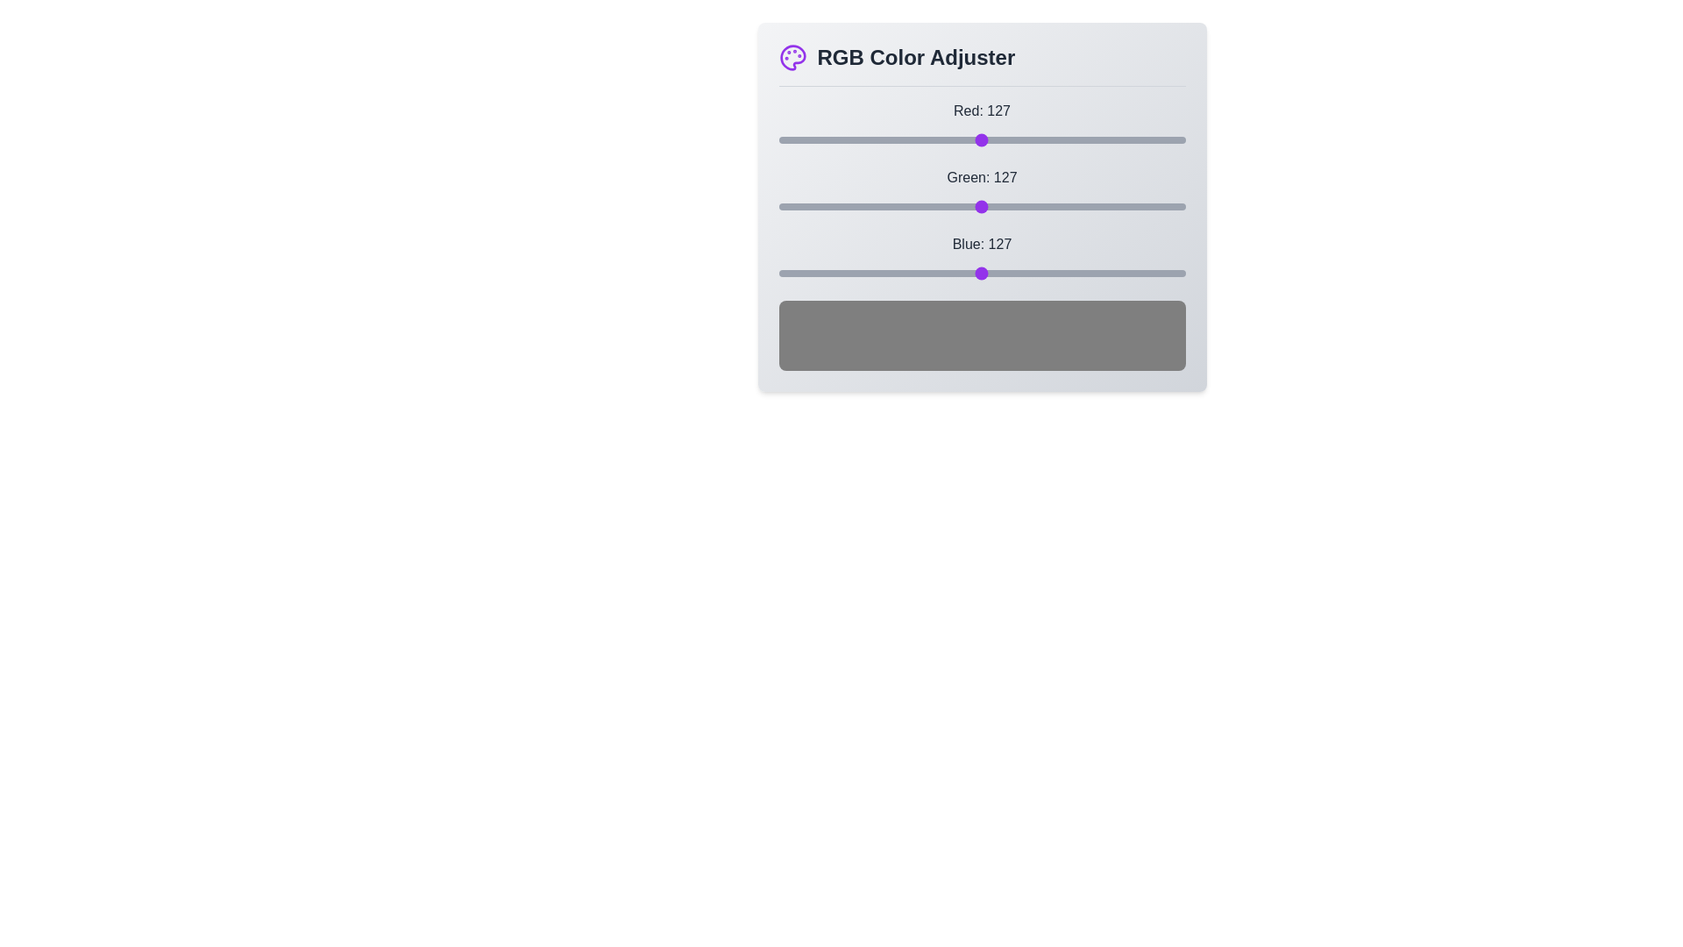 This screenshot has width=1683, height=947. What do you see at coordinates (964, 274) in the screenshot?
I see `the blue slider to 117 by dragging the slider` at bounding box center [964, 274].